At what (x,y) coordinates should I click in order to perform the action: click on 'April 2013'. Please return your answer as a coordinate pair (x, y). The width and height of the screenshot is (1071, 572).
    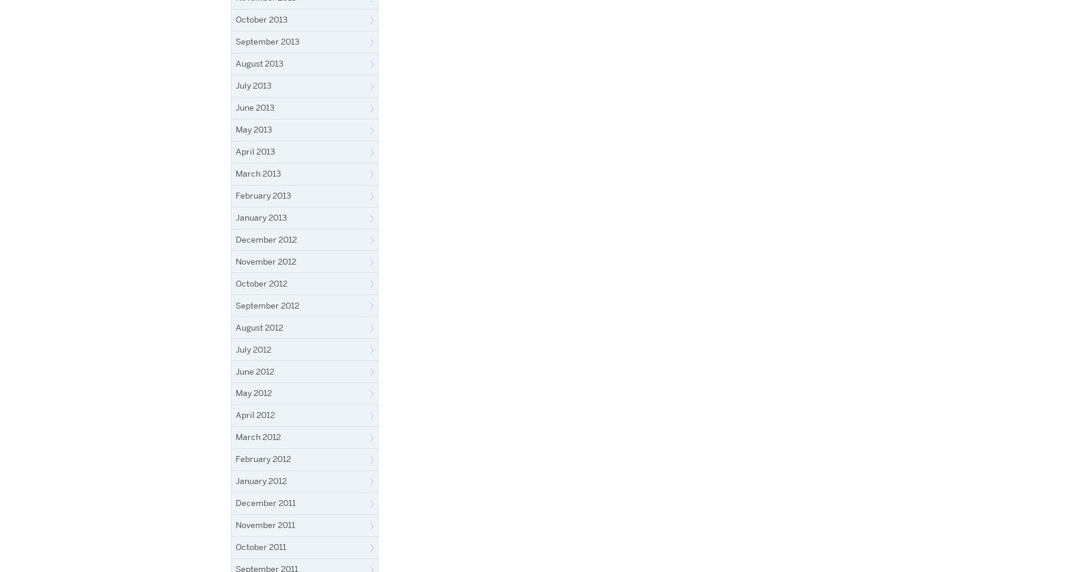
    Looking at the image, I should click on (255, 150).